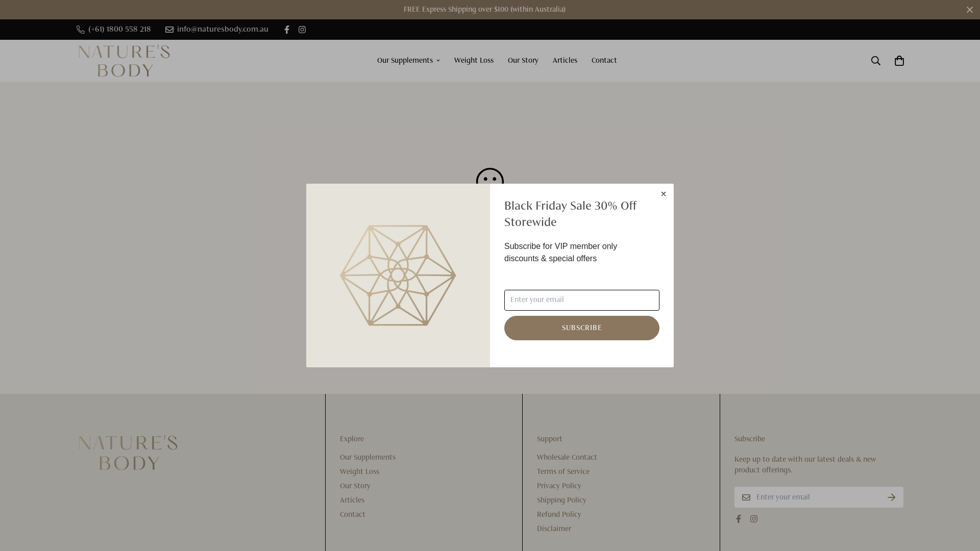 The width and height of the screenshot is (980, 551). Describe the element at coordinates (158, 29) in the screenshot. I see `'info@naturesbody.com.au'` at that location.